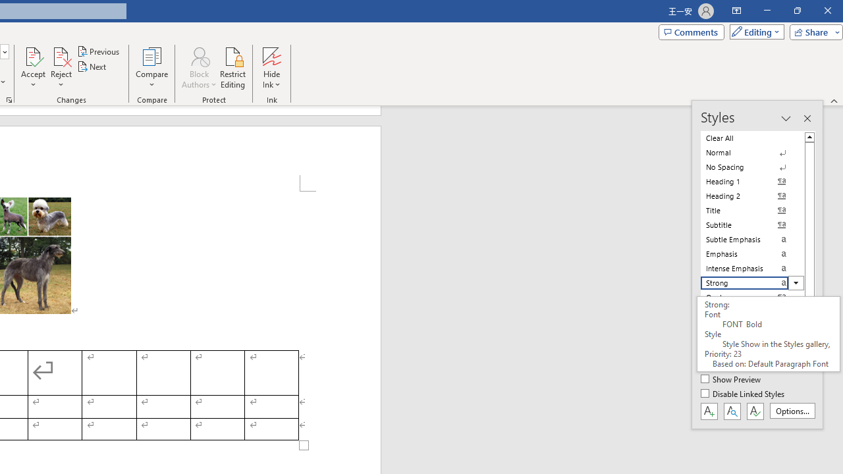 This screenshot has height=474, width=843. Describe the element at coordinates (731, 380) in the screenshot. I see `'Show Preview'` at that location.